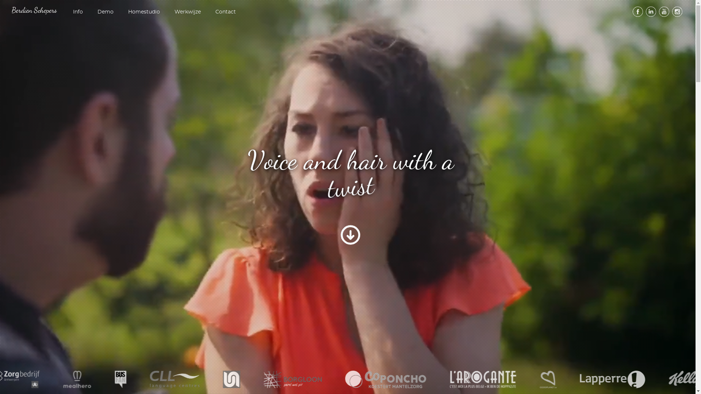 Image resolution: width=701 pixels, height=394 pixels. What do you see at coordinates (78, 11) in the screenshot?
I see `'Info'` at bounding box center [78, 11].